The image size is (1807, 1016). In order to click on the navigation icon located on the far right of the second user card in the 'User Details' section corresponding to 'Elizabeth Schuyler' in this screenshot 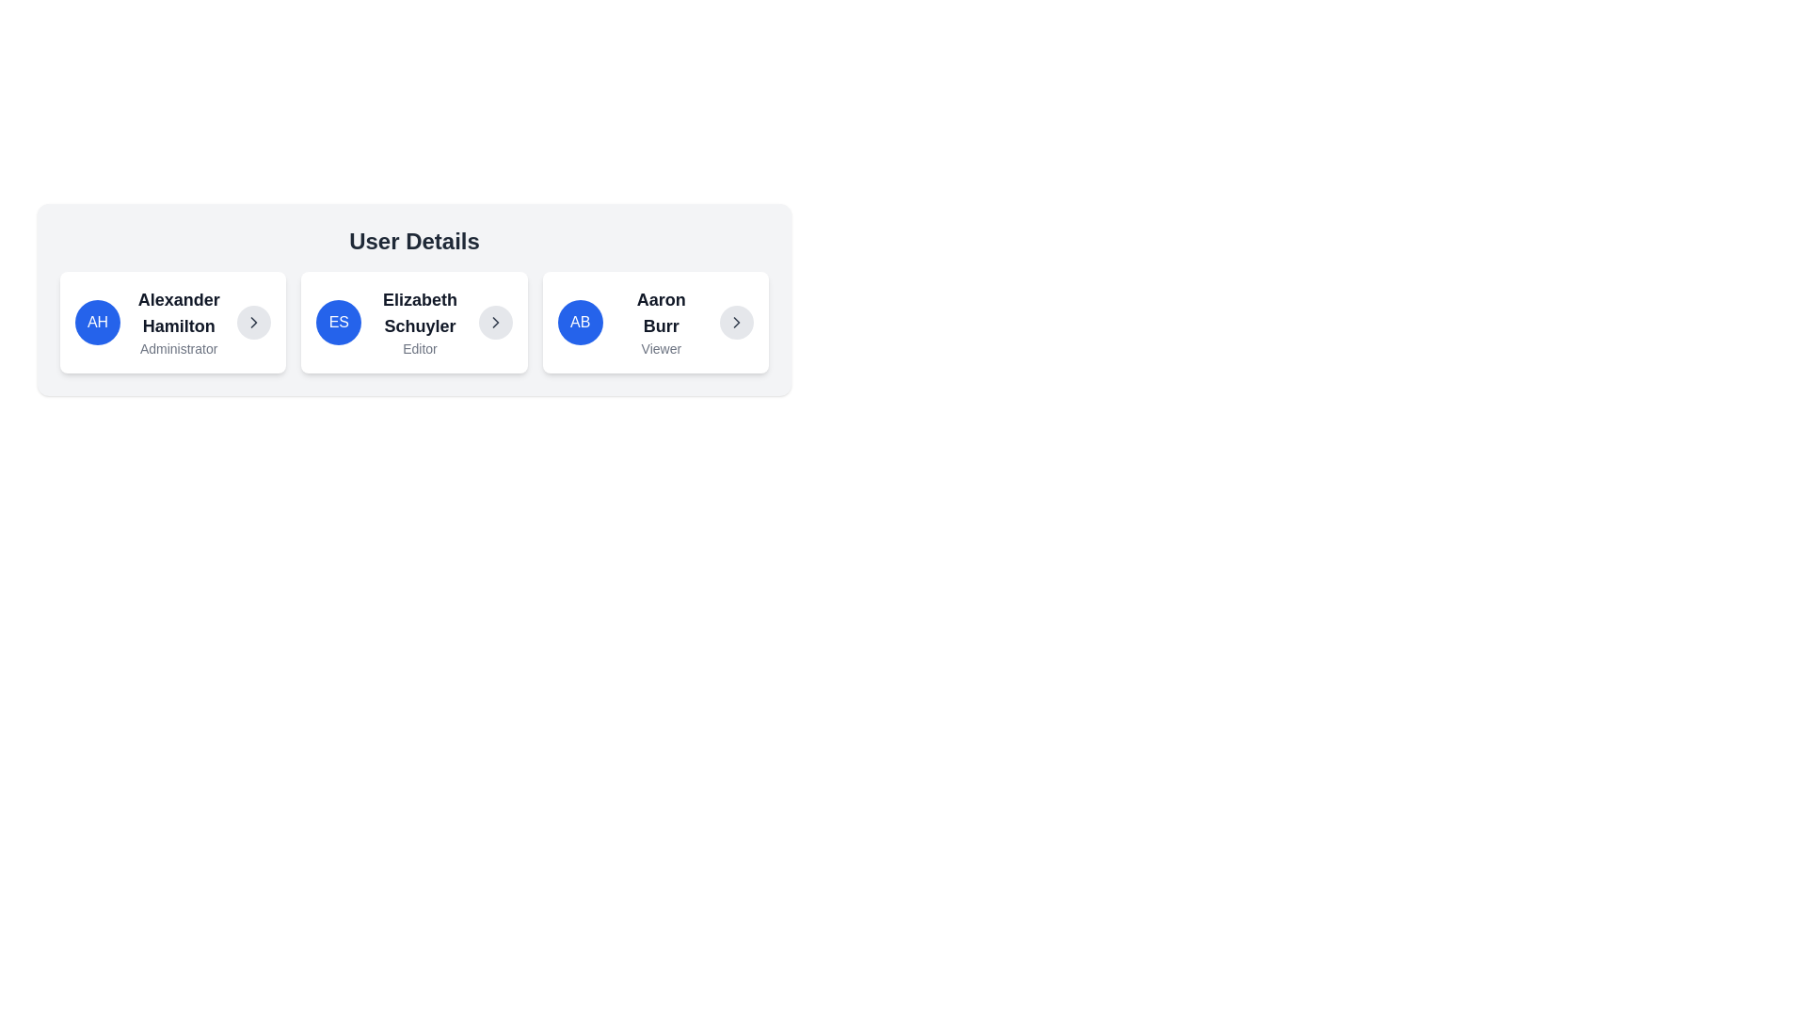, I will do `click(495, 322)`.